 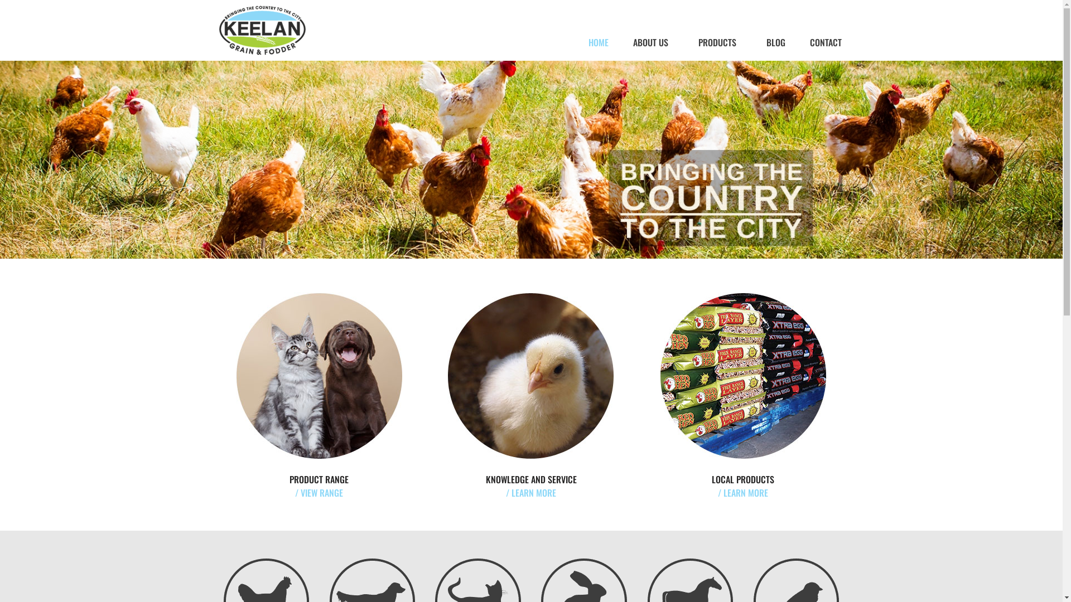 I want to click on '/ VIEW RANGE', so click(x=318, y=492).